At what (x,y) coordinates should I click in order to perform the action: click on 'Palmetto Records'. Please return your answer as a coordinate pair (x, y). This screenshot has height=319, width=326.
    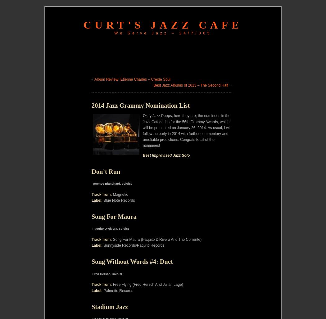
    Looking at the image, I should click on (102, 290).